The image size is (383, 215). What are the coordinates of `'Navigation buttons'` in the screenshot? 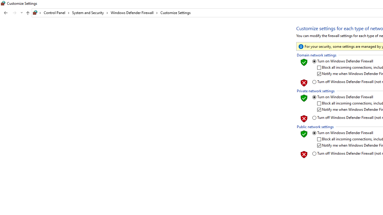 It's located at (13, 13).